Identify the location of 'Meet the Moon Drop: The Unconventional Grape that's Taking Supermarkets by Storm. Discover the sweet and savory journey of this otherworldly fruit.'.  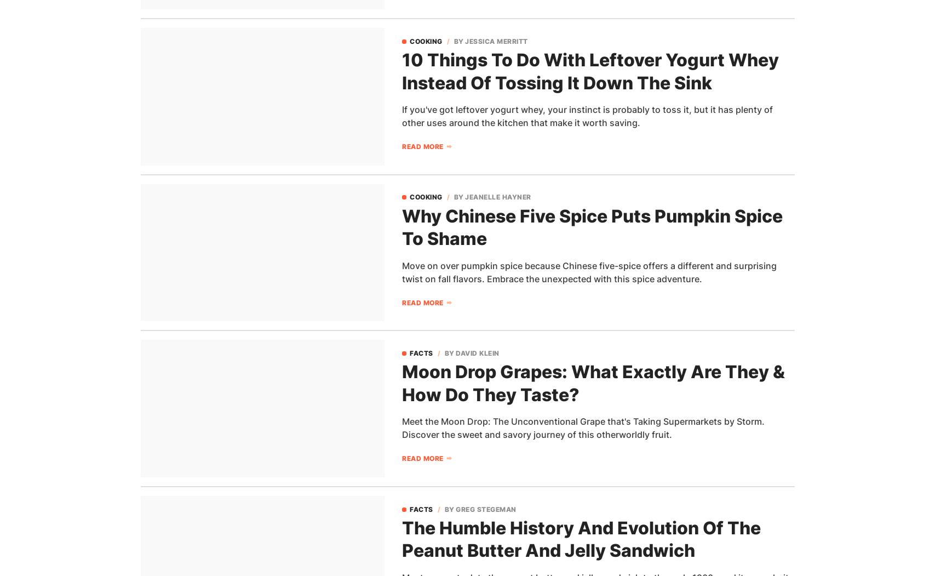
(582, 427).